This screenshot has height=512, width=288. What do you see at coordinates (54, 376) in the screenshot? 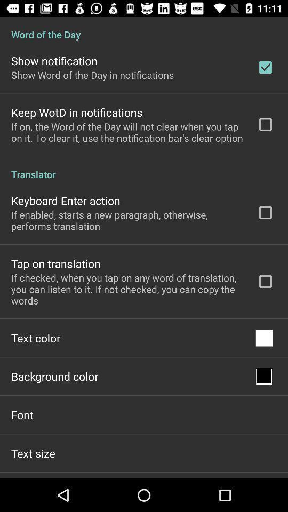
I see `background color` at bounding box center [54, 376].